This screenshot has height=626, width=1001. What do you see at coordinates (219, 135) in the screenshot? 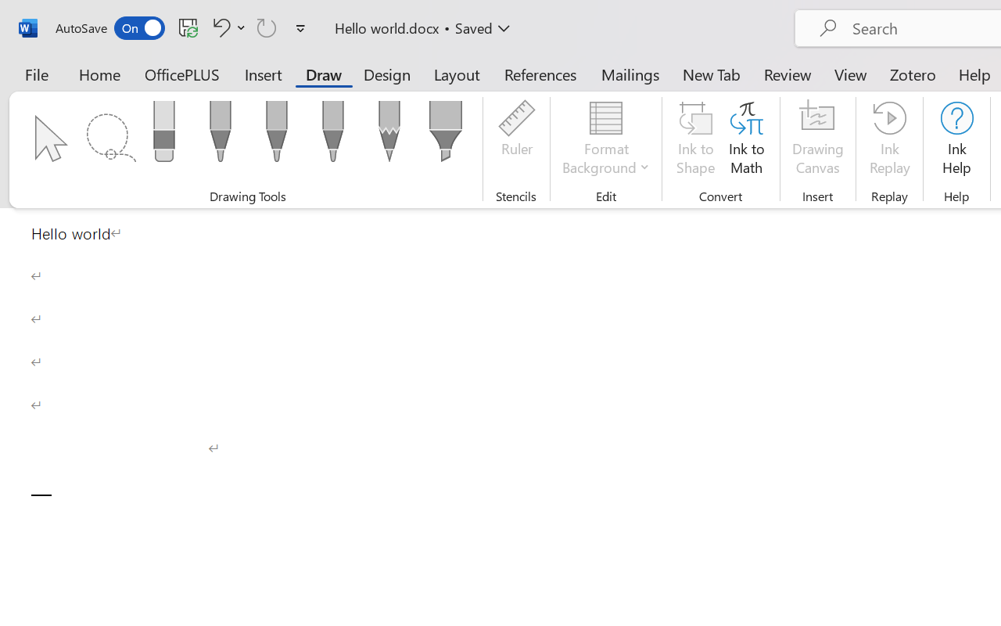
I see `'Pen: Black, 0.5 mm'` at bounding box center [219, 135].